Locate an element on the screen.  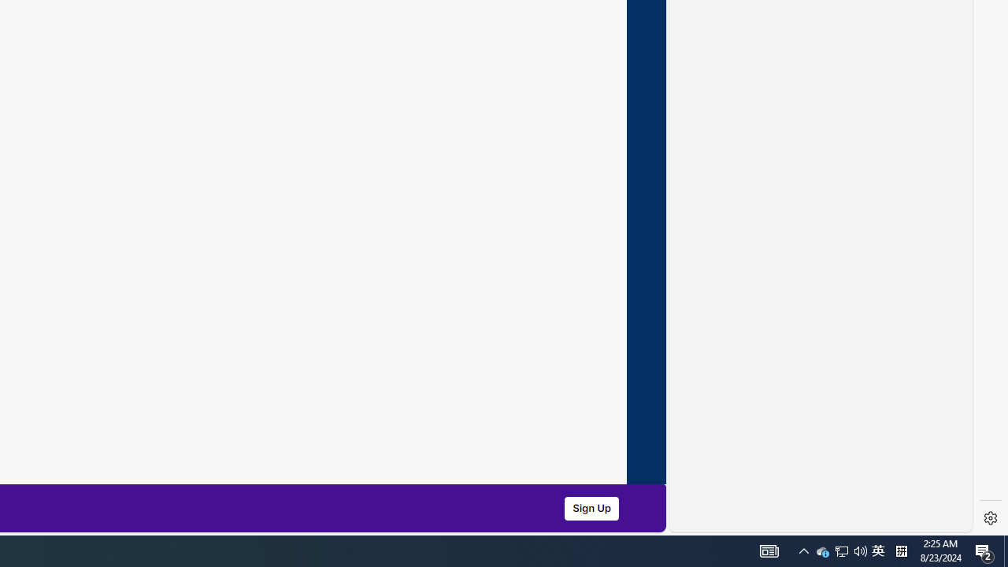
'Sign Up' is located at coordinates (591, 508).